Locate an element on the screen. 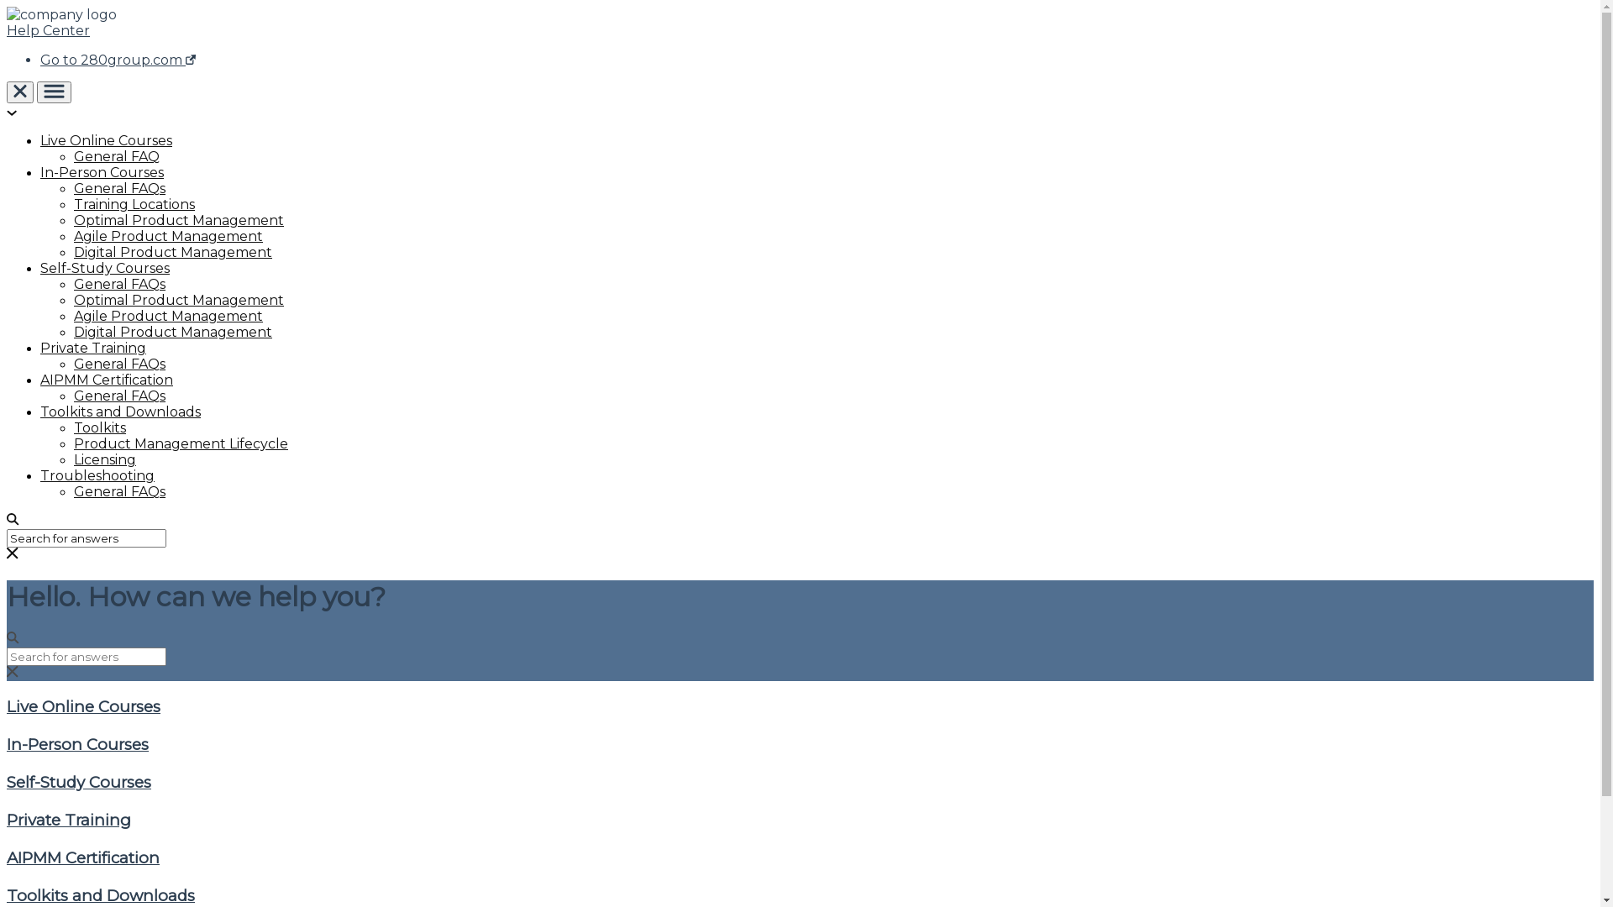 The width and height of the screenshot is (1613, 907). 'AIPMM Certification' is located at coordinates (7, 857).